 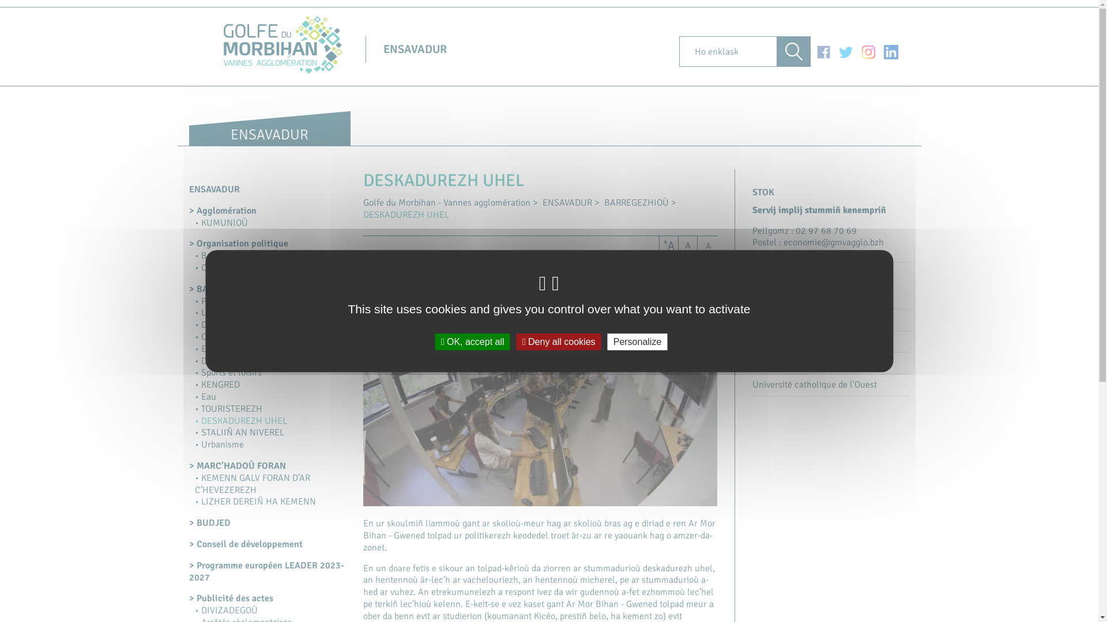 What do you see at coordinates (668, 245) in the screenshot?
I see `'+A'` at bounding box center [668, 245].